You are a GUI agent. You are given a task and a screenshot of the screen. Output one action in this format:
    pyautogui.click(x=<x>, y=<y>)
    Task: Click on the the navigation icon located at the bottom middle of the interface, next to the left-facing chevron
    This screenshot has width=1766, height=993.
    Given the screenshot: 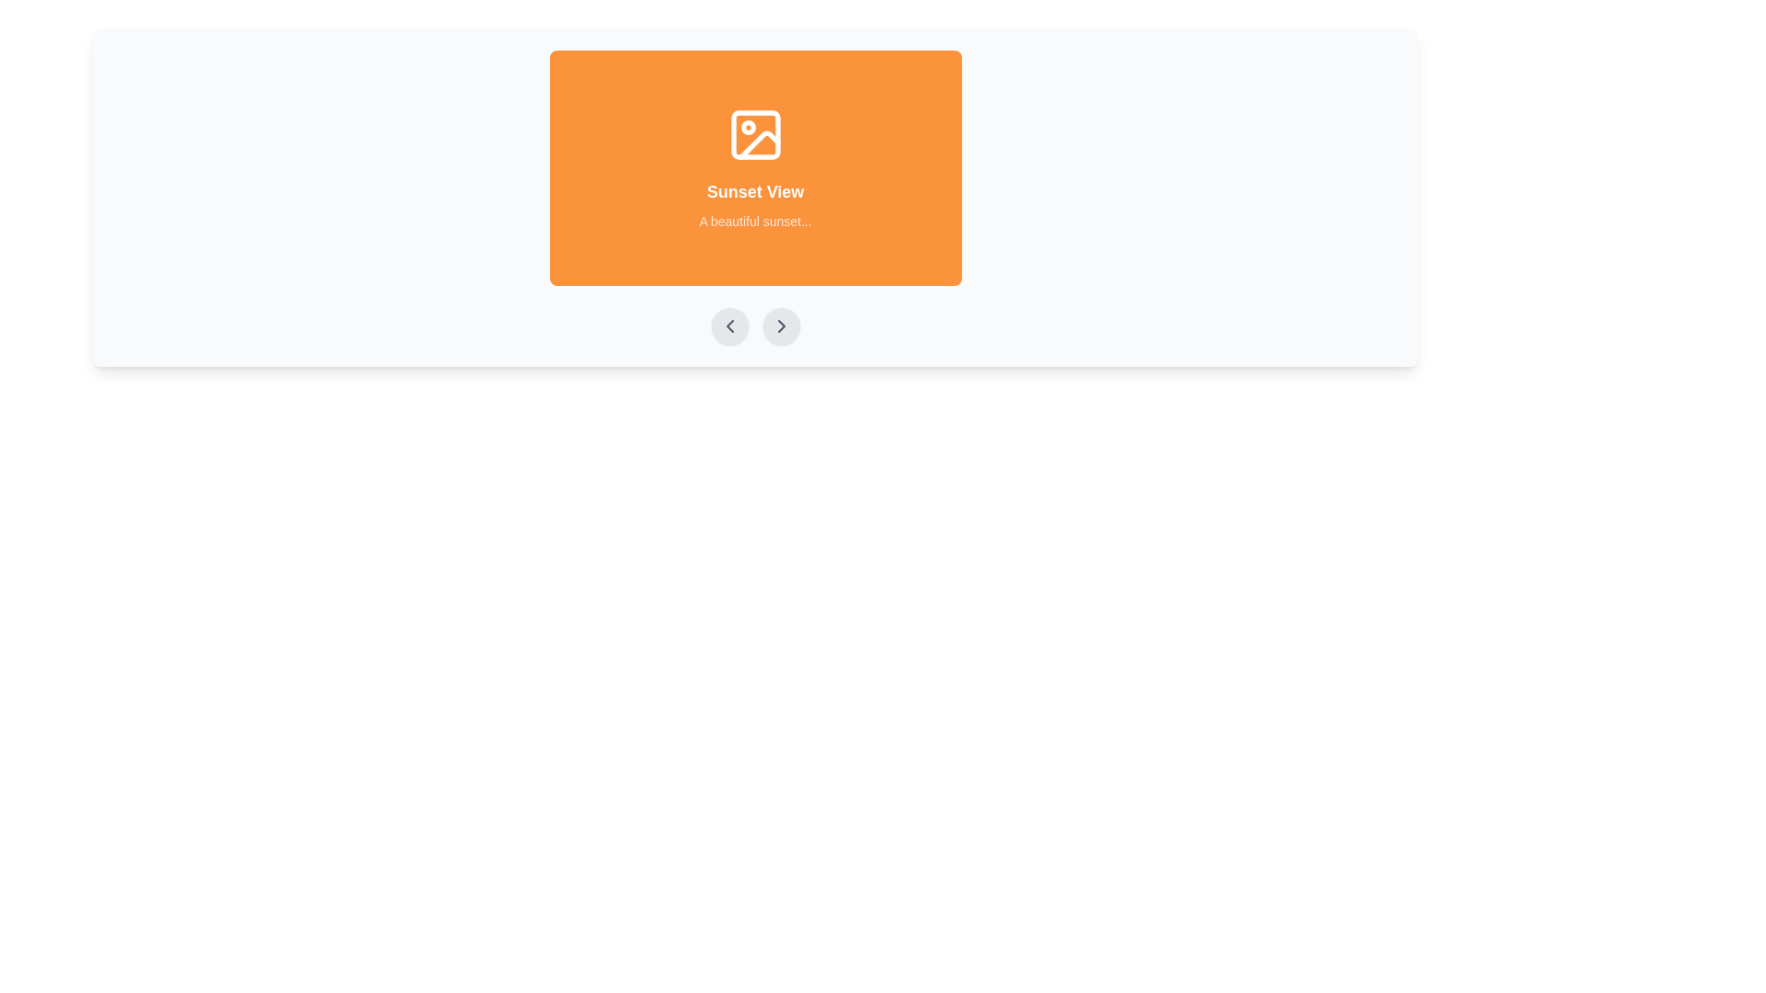 What is the action you would take?
    pyautogui.click(x=781, y=325)
    